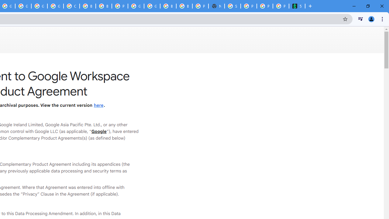 This screenshot has height=219, width=389. What do you see at coordinates (216, 6) in the screenshot?
I see `'New Tab'` at bounding box center [216, 6].